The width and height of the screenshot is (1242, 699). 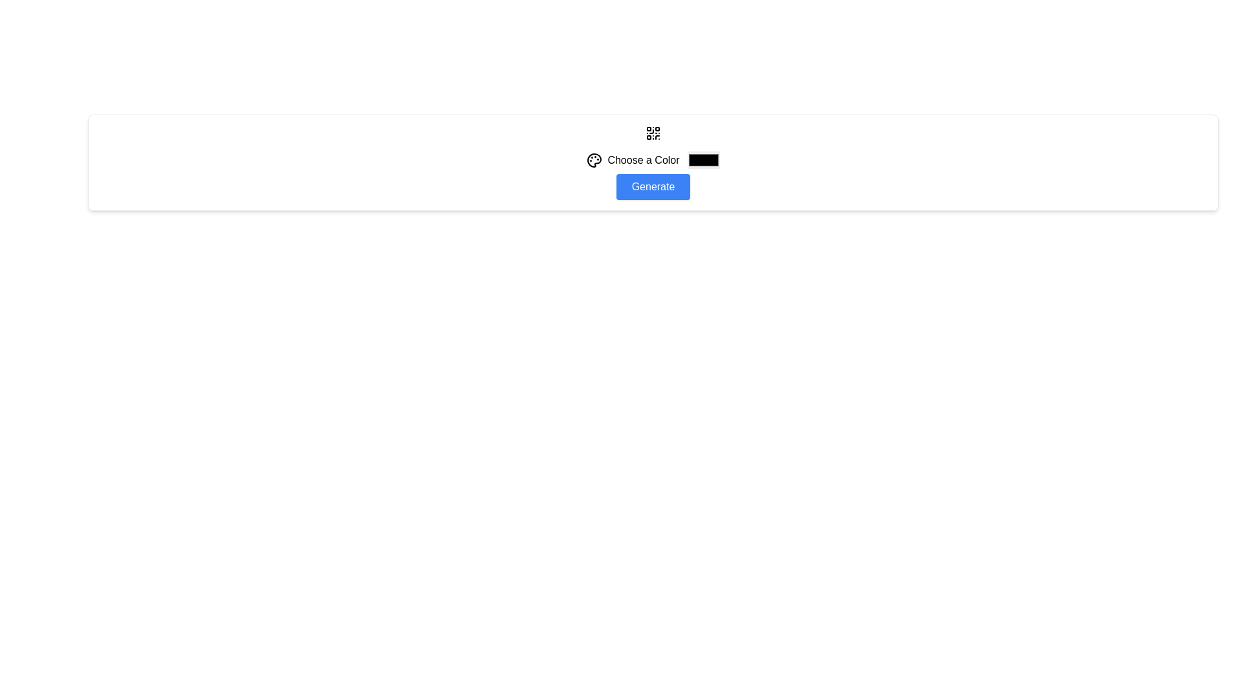 I want to click on the central button located beneath the color selection input, so click(x=653, y=187).